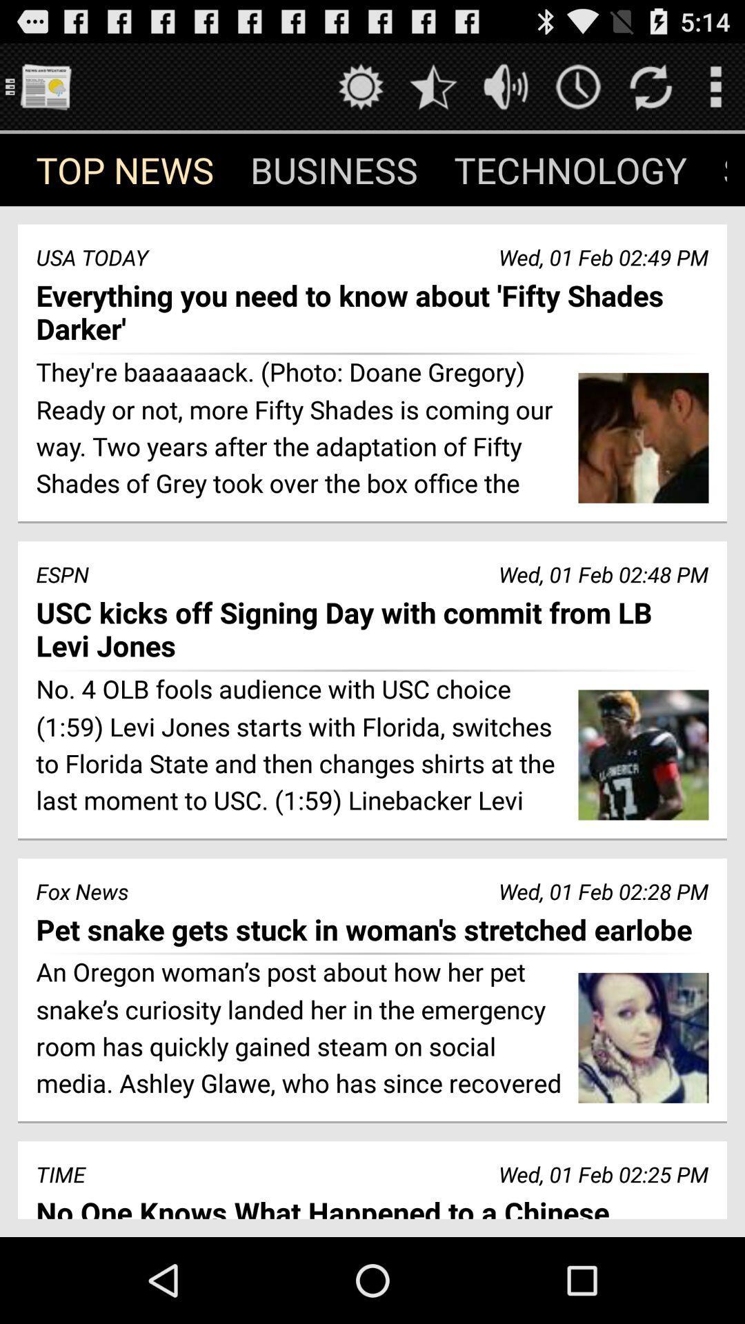 The height and width of the screenshot is (1324, 745). Describe the element at coordinates (44, 86) in the screenshot. I see `open main menu` at that location.